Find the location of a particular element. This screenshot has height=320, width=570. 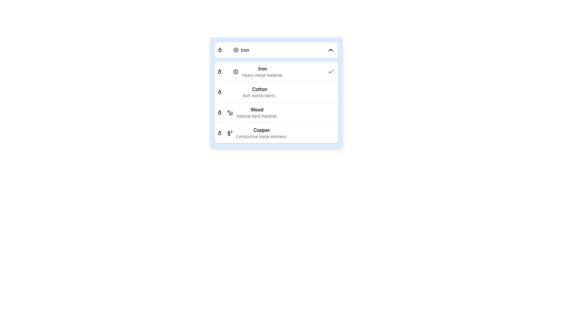

the List item displaying 'CottonSoft textile fabric.' with a bold 'Cotton' and an icon is located at coordinates (247, 92).